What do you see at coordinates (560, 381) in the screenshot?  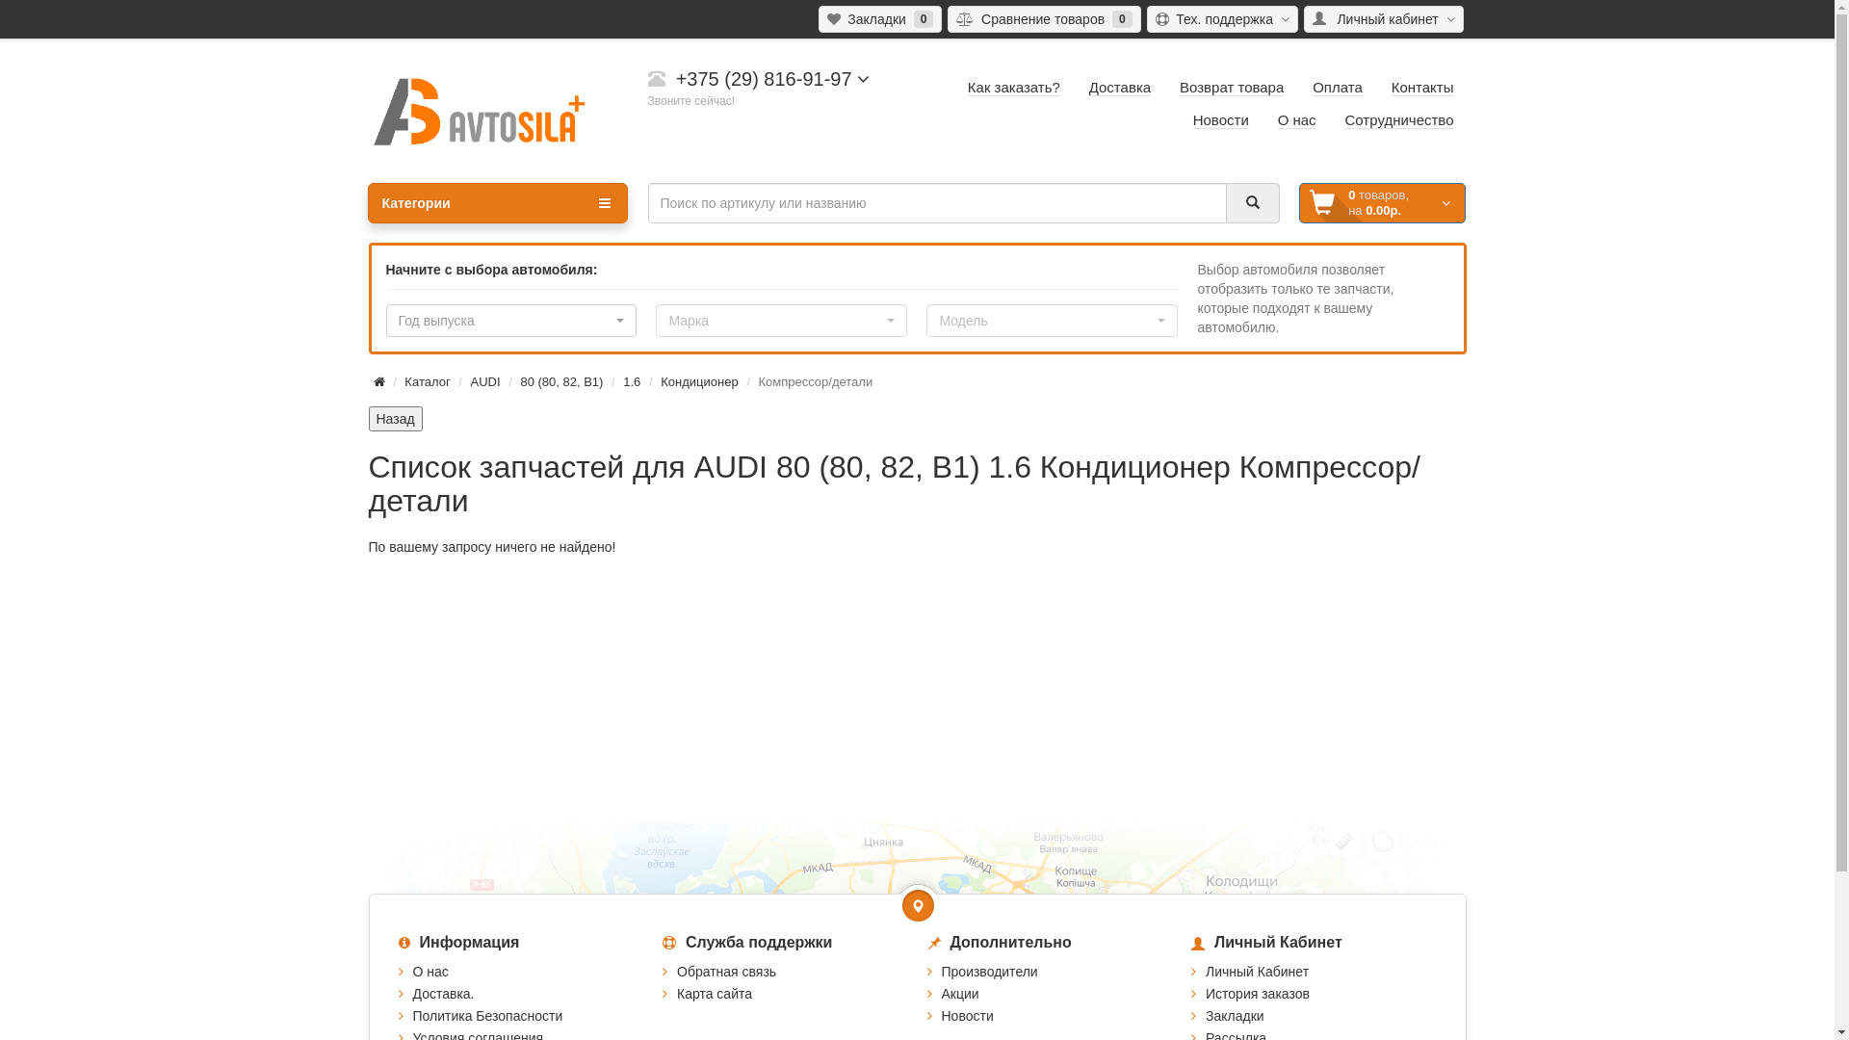 I see `'80 (80, 82, B1)'` at bounding box center [560, 381].